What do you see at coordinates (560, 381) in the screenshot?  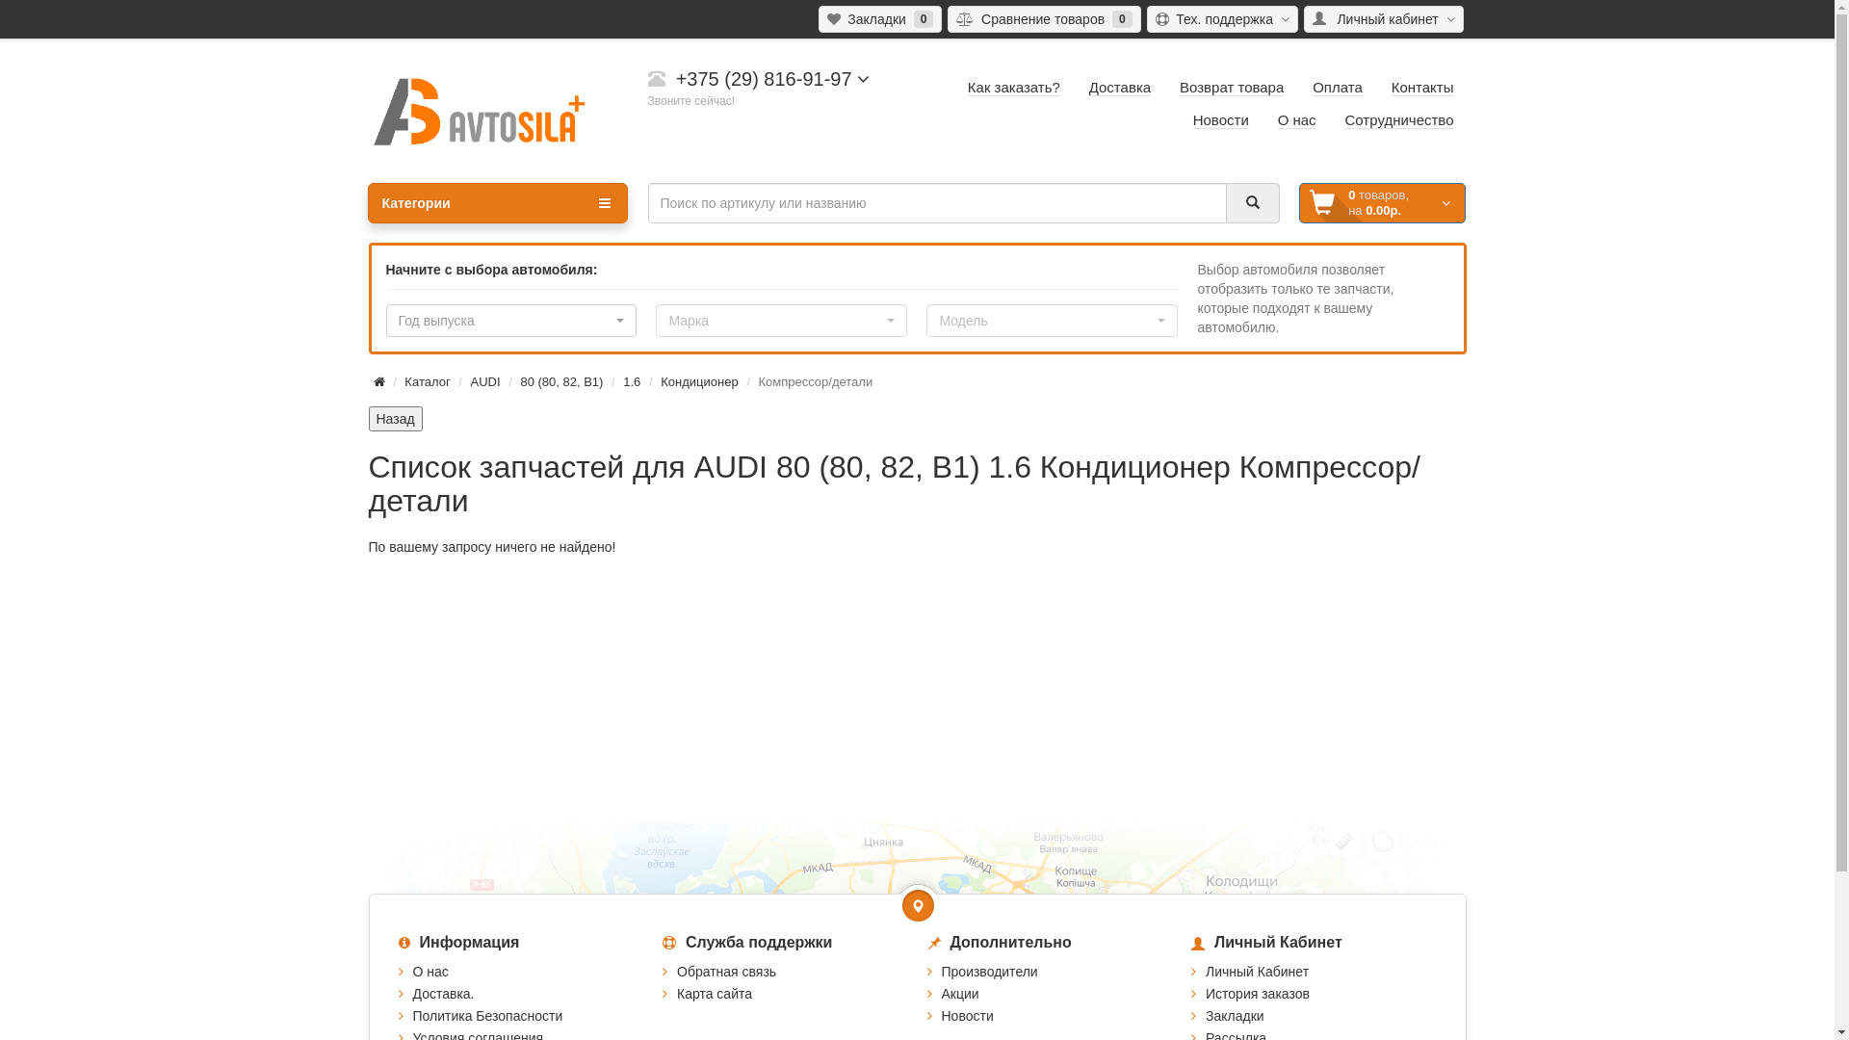 I see `'80 (80, 82, B1)'` at bounding box center [560, 381].